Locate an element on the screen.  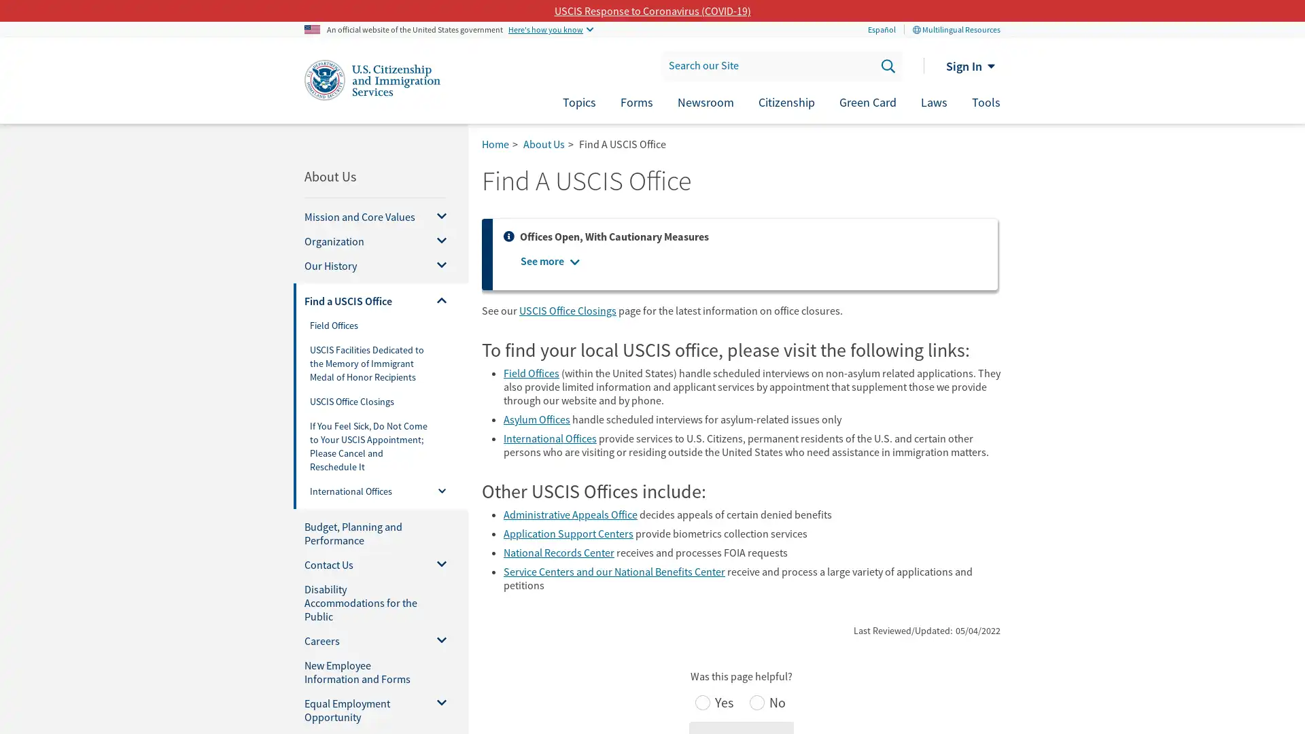
Toggle menu for Careers is located at coordinates (436, 640).